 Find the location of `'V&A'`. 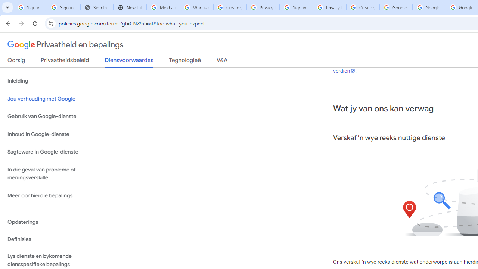

'V&A' is located at coordinates (221, 61).